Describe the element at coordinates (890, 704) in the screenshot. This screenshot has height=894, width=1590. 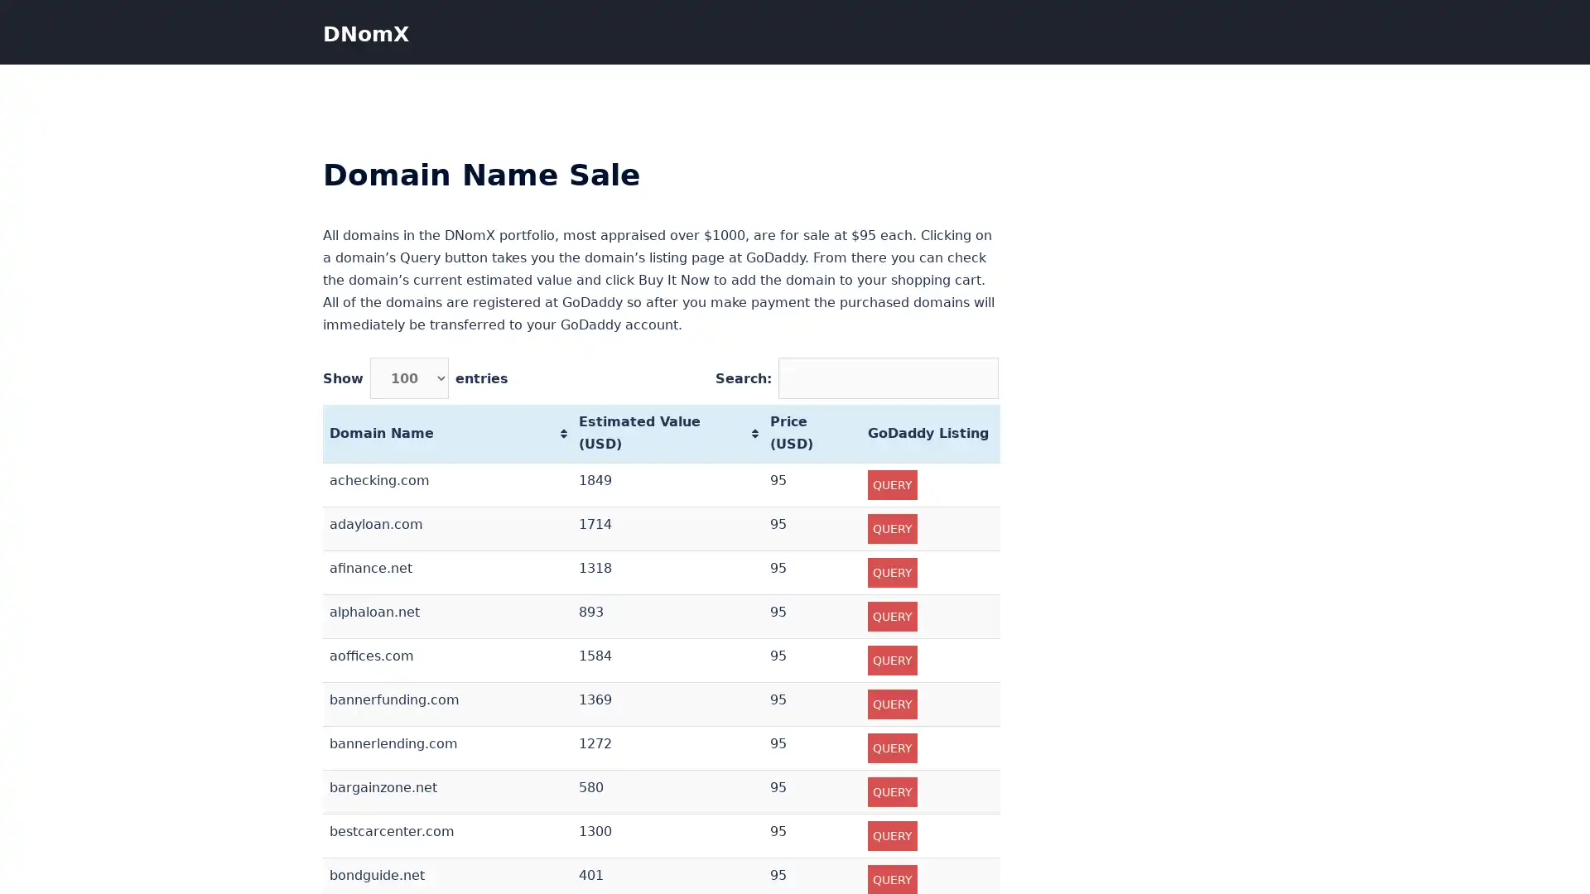
I see `QUERY` at that location.